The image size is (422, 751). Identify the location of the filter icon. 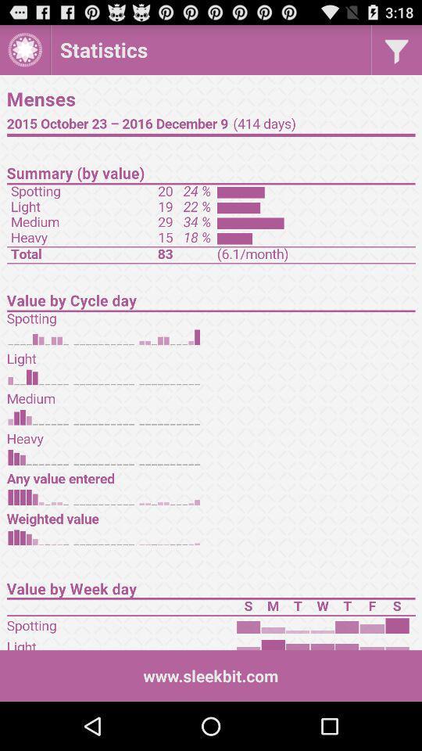
(396, 53).